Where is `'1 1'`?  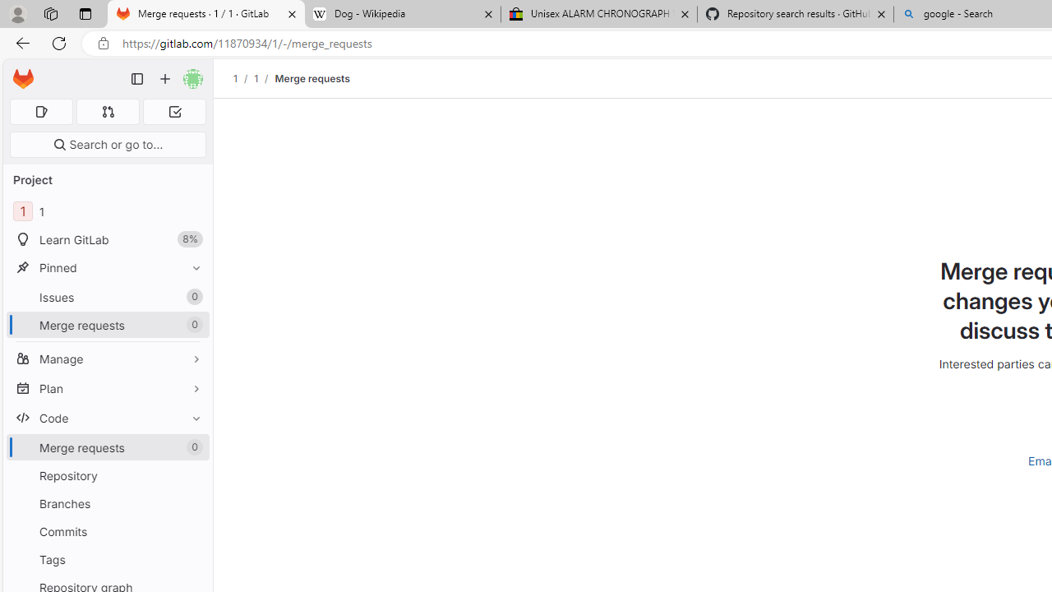 '1 1' is located at coordinates (107, 210).